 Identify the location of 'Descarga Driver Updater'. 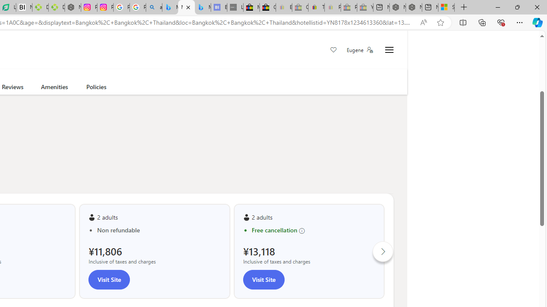
(56, 7).